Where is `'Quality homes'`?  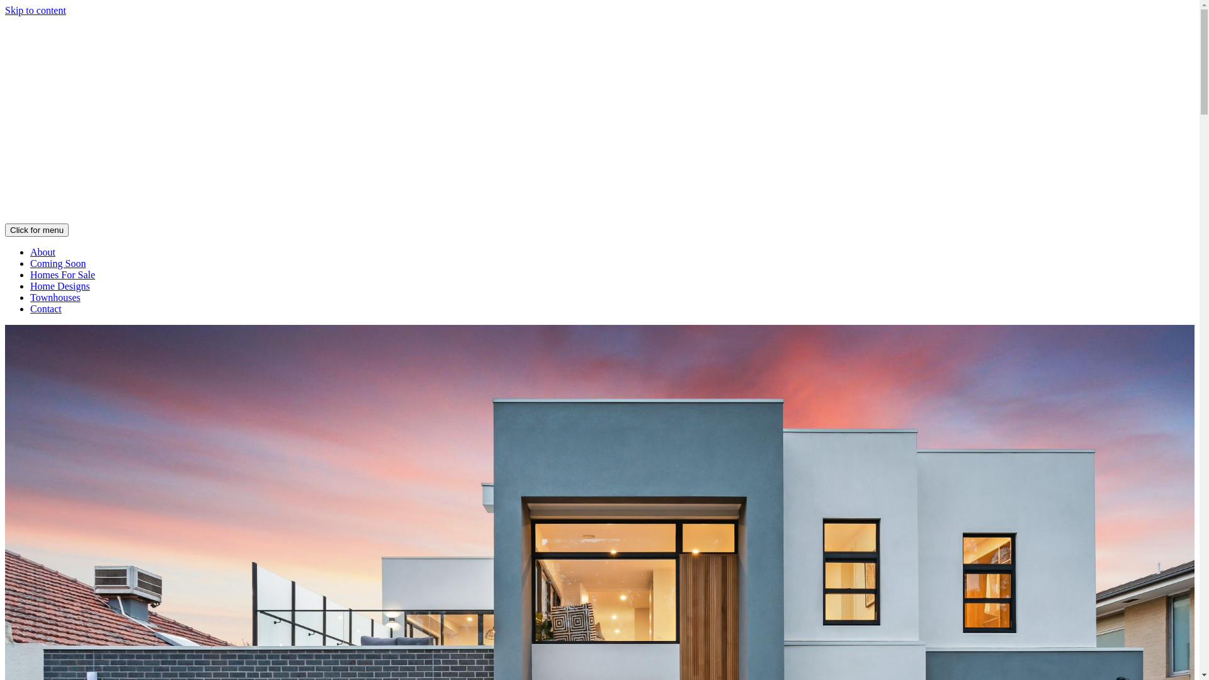 'Quality homes' is located at coordinates (599, 217).